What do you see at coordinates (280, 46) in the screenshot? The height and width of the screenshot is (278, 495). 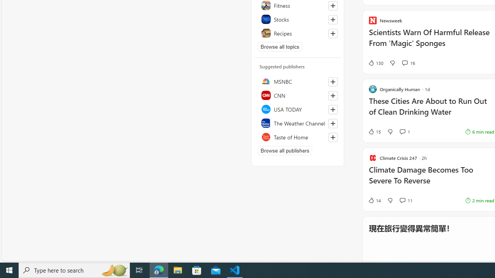 I see `'Browse all topics'` at bounding box center [280, 46].